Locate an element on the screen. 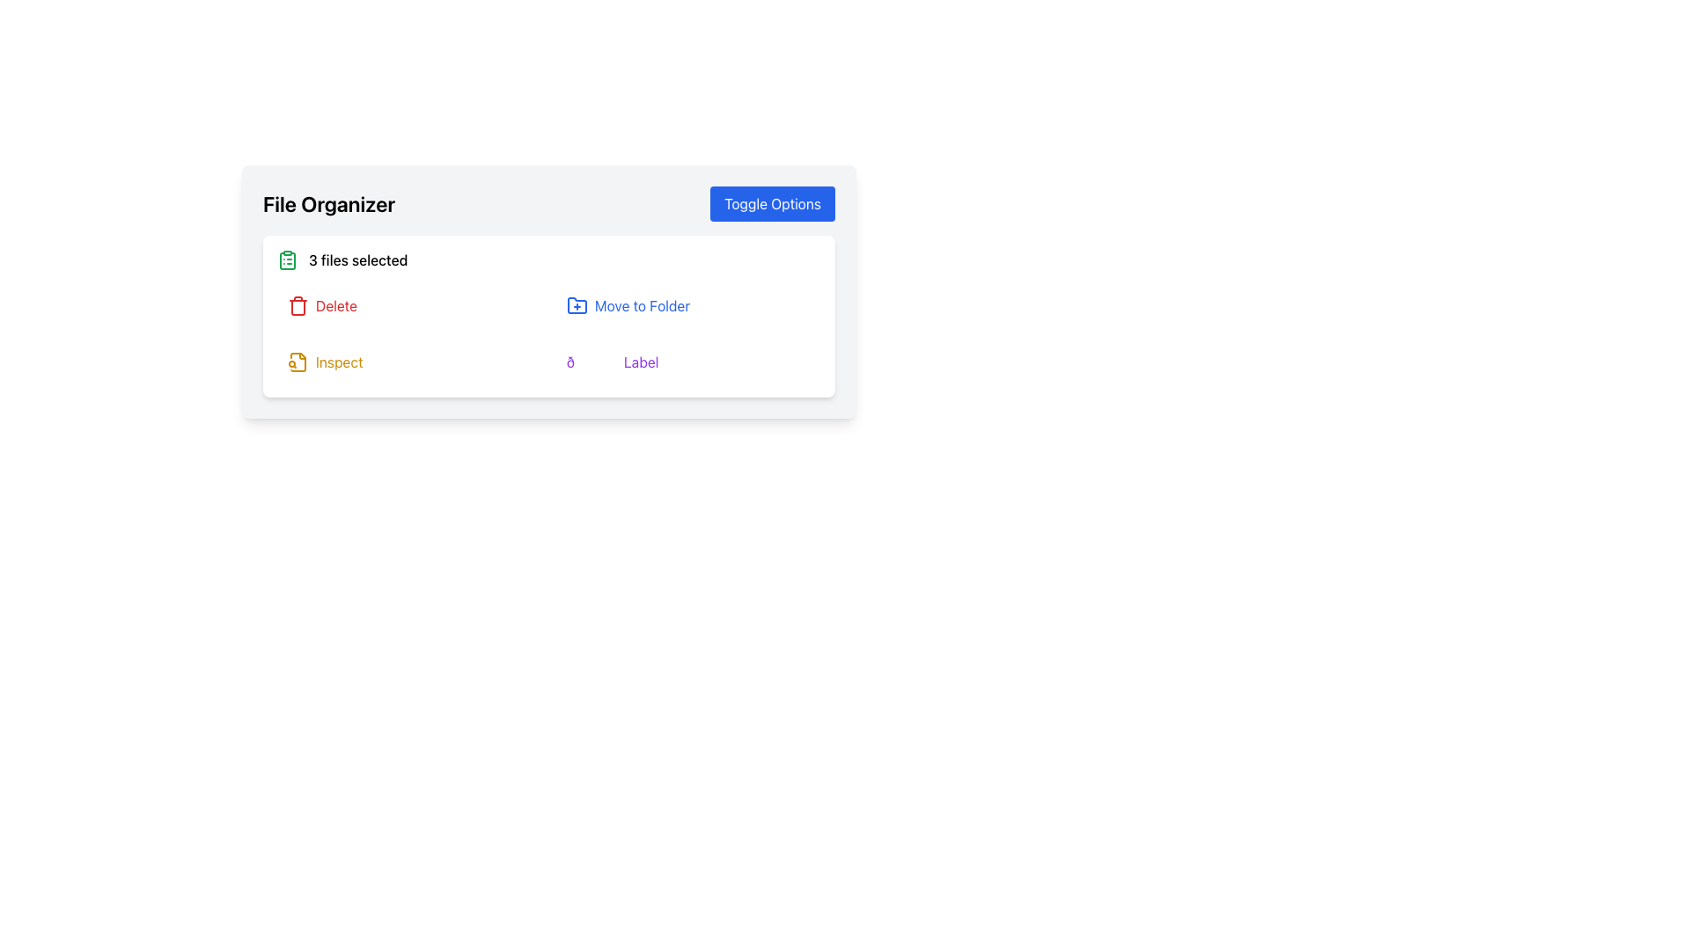 The height and width of the screenshot is (950, 1690). the 'Move to Folder' button, which contains the icon indicating the action of moving items into a folder, located in the center-left area of the button is located at coordinates (577, 304).